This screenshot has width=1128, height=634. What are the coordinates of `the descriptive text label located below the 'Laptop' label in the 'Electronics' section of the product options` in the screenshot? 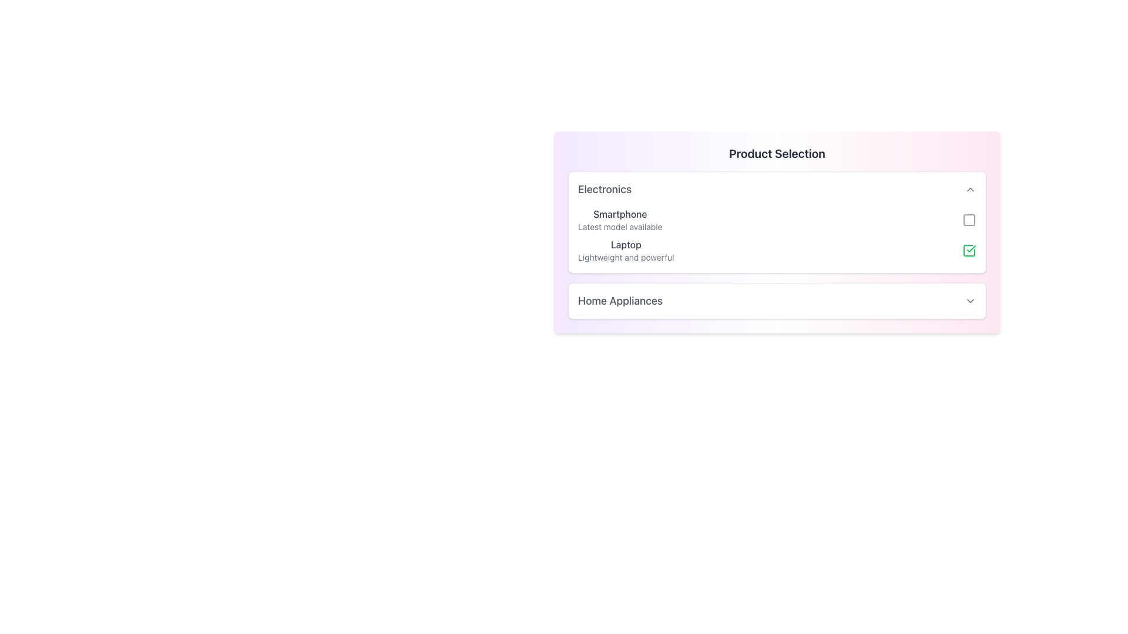 It's located at (625, 257).